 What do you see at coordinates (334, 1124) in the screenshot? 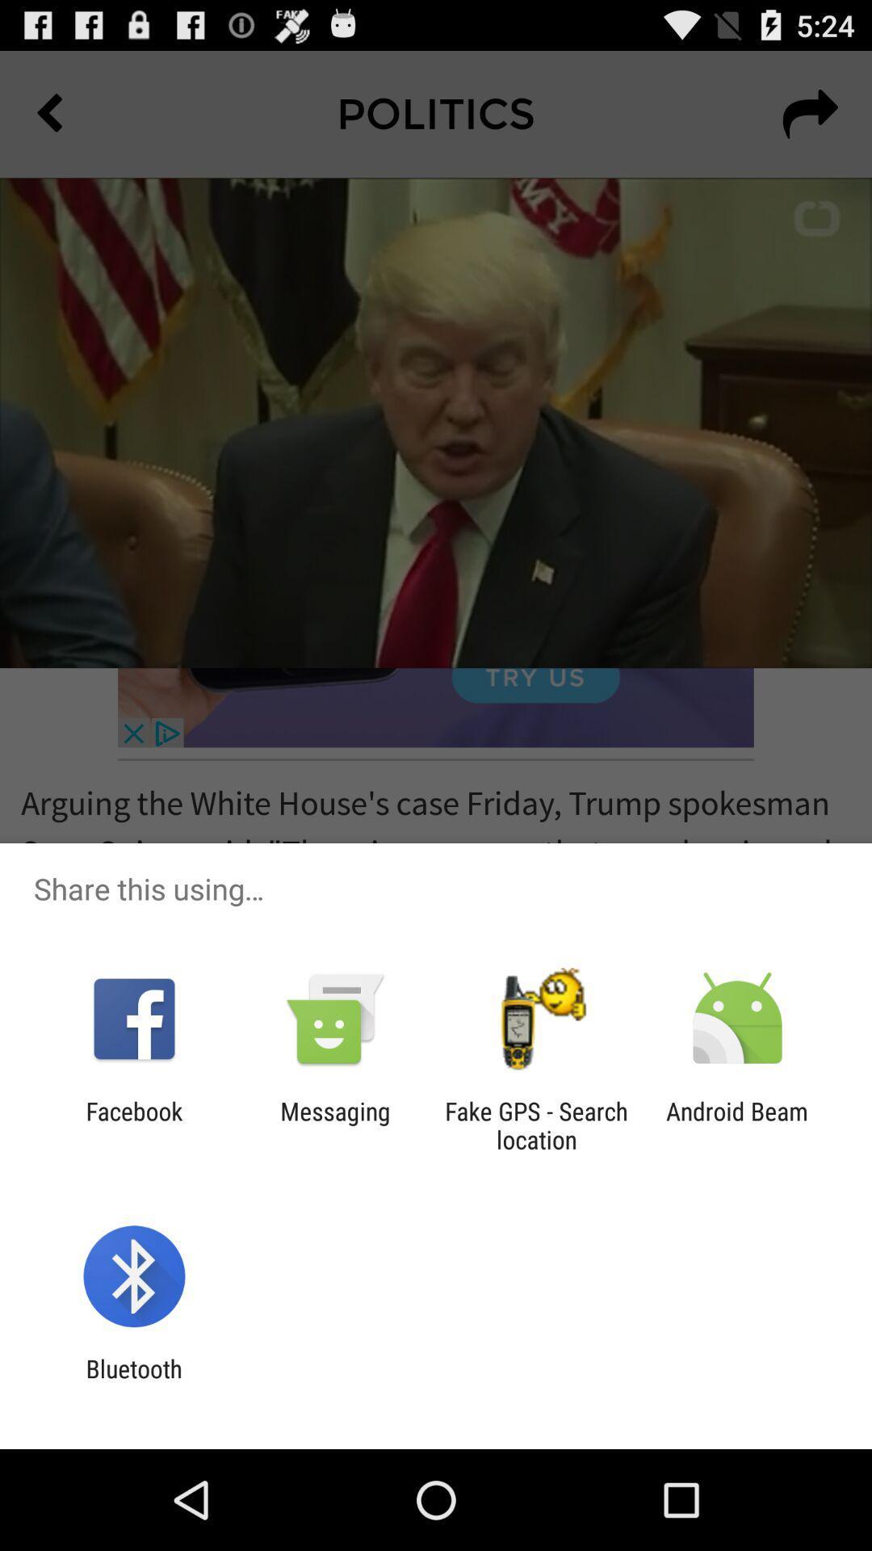
I see `app next to the fake gps search` at bounding box center [334, 1124].